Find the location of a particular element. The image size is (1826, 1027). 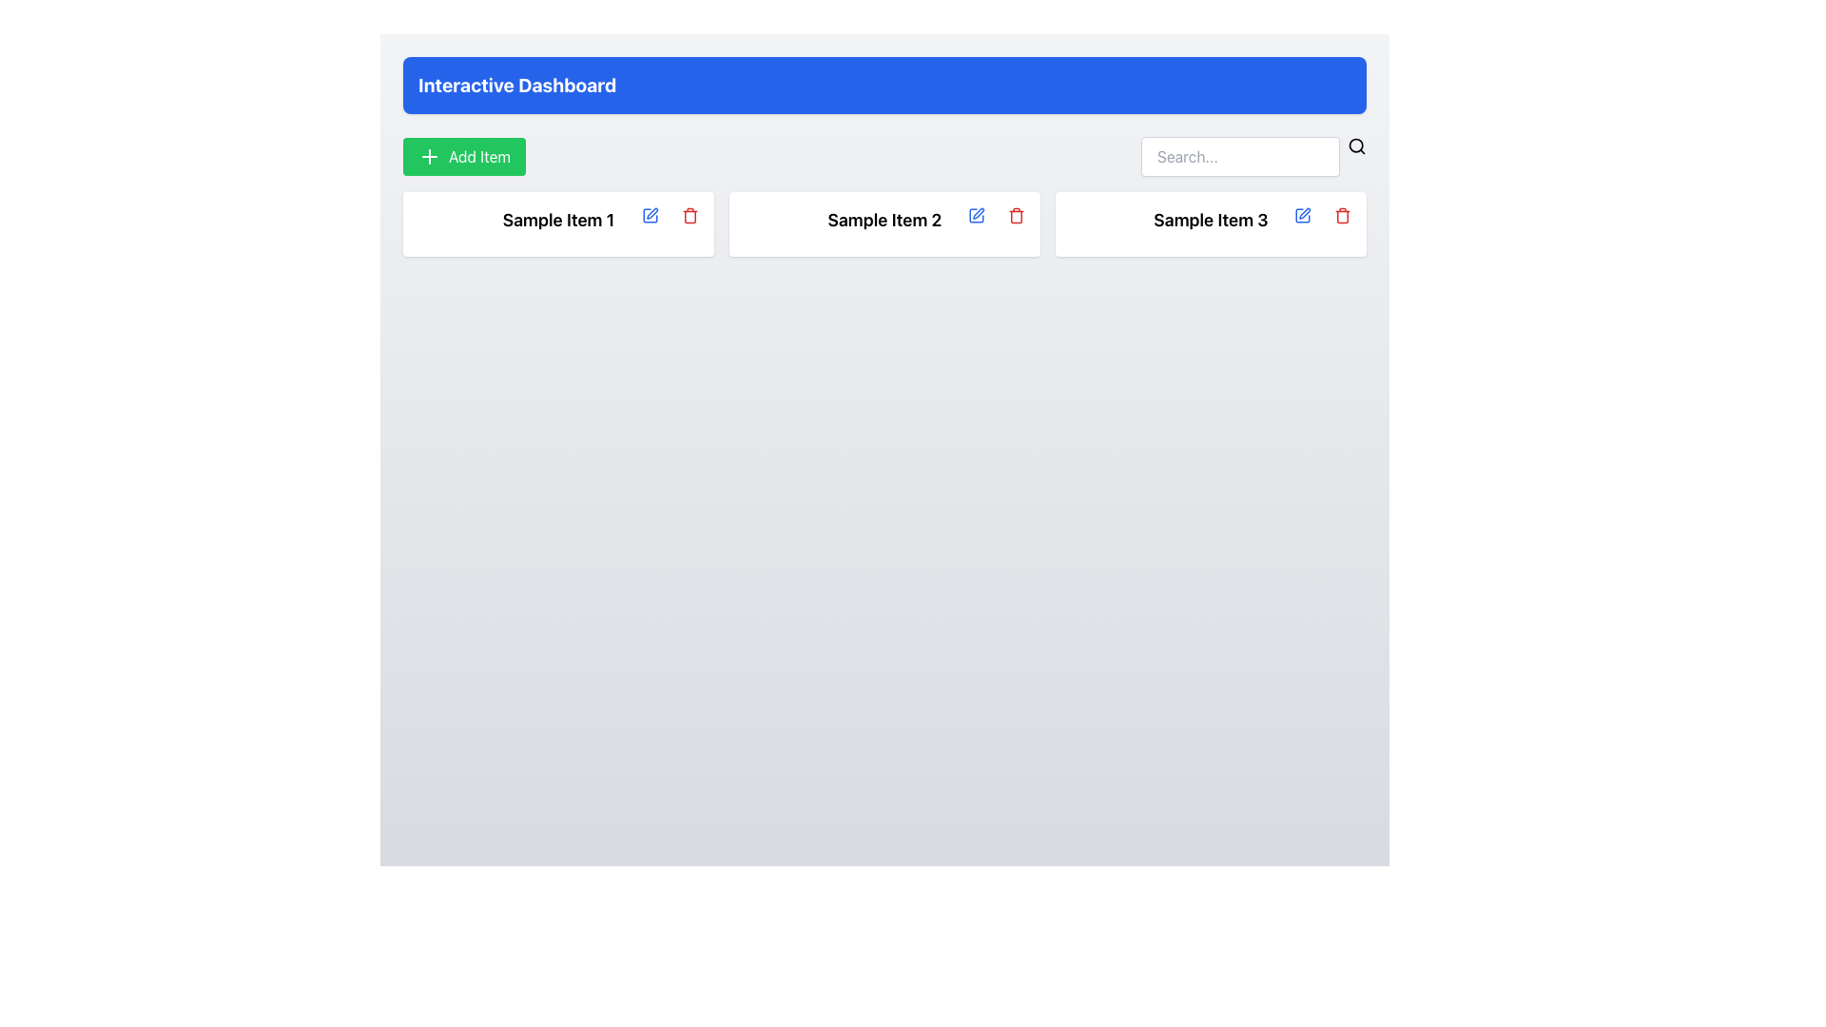

the trash can icon, which is red and minimalistic, located next to the editing pencil icon in the horizontal list of controls for 'Sample Item 3' is located at coordinates (1341, 215).